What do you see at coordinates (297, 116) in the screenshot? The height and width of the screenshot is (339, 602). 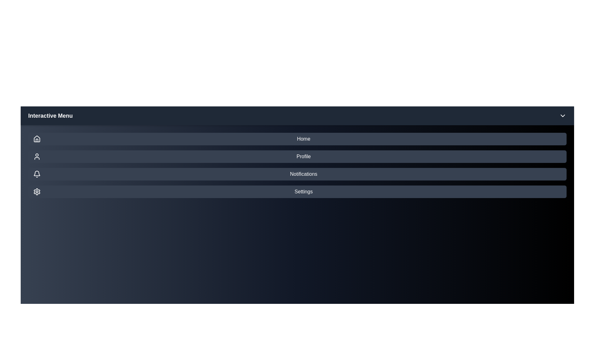 I see `the header to toggle the menu open/close state` at bounding box center [297, 116].